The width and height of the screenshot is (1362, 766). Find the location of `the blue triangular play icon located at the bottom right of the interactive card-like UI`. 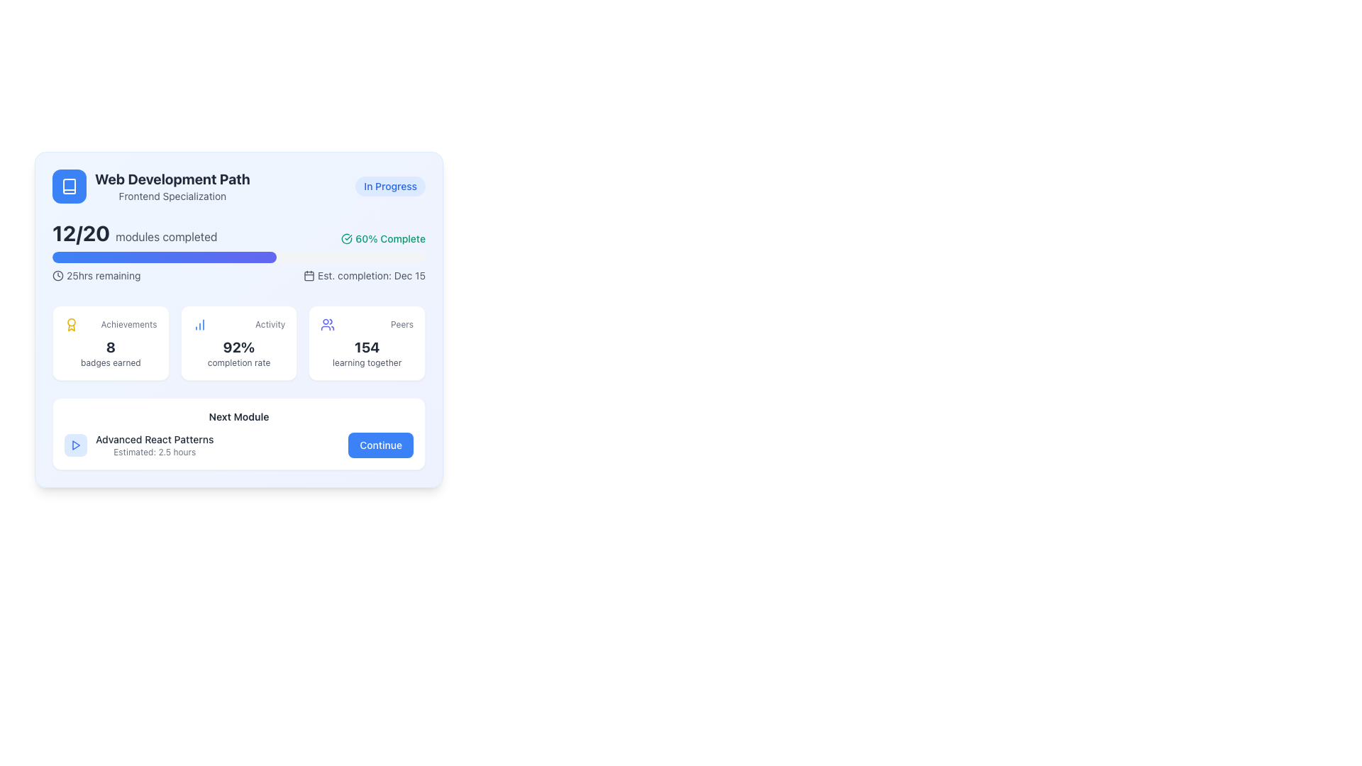

the blue triangular play icon located at the bottom right of the interactive card-like UI is located at coordinates (75, 445).